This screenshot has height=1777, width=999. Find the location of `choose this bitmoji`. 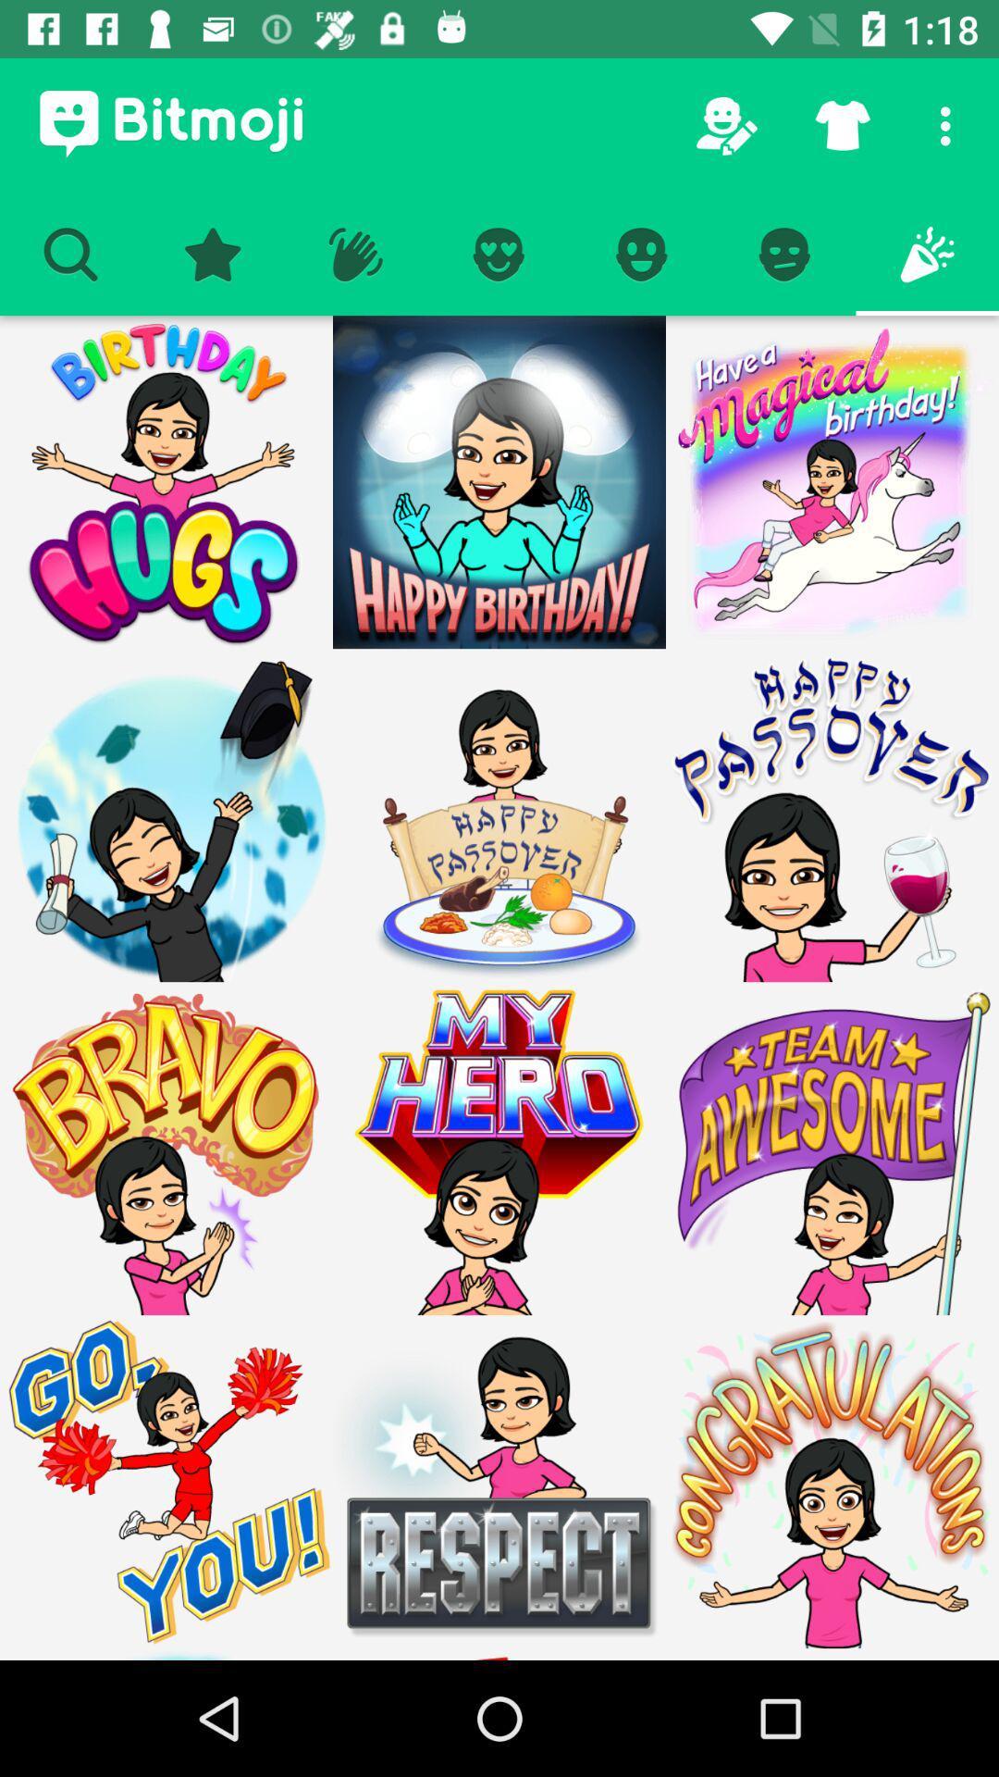

choose this bitmoji is located at coordinates (499, 1148).